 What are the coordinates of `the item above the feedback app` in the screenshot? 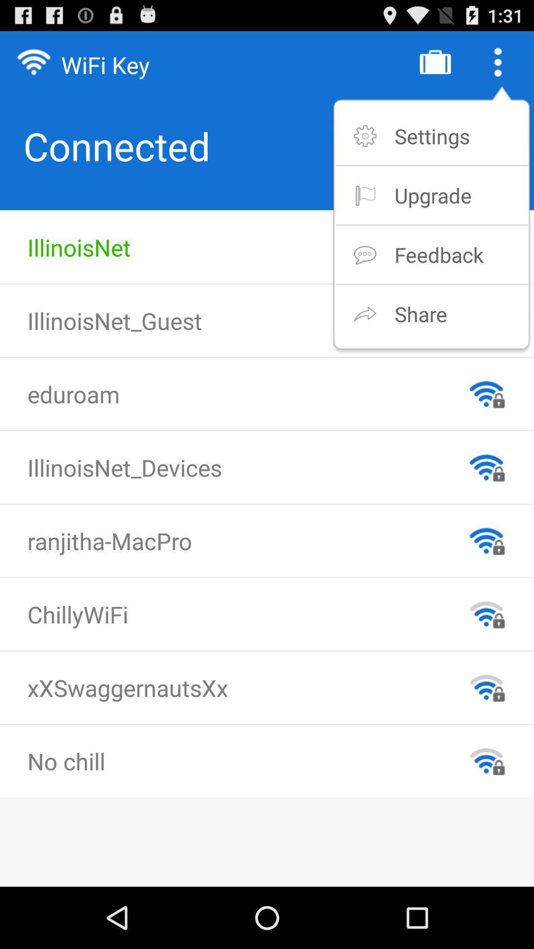 It's located at (432, 195).